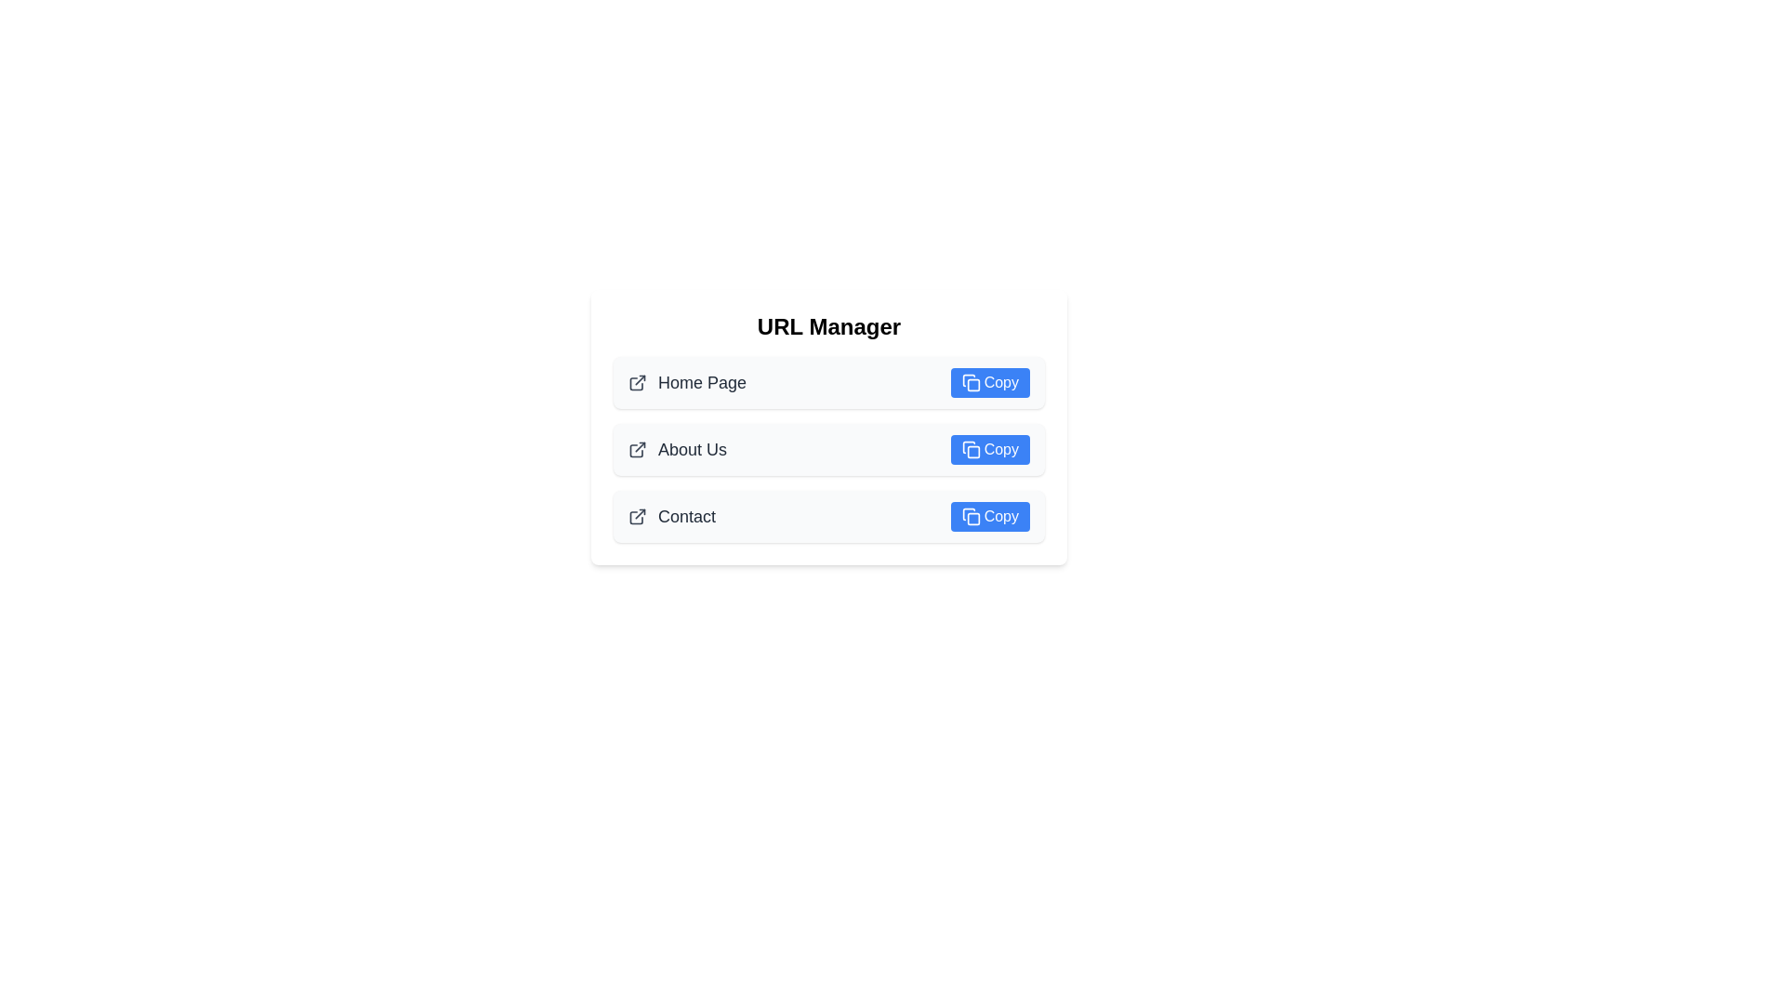  What do you see at coordinates (677, 449) in the screenshot?
I see `Text Label that serves as a link to the 'About Us' page, located below the 'Home Page' item in the 'URL Manager' section` at bounding box center [677, 449].